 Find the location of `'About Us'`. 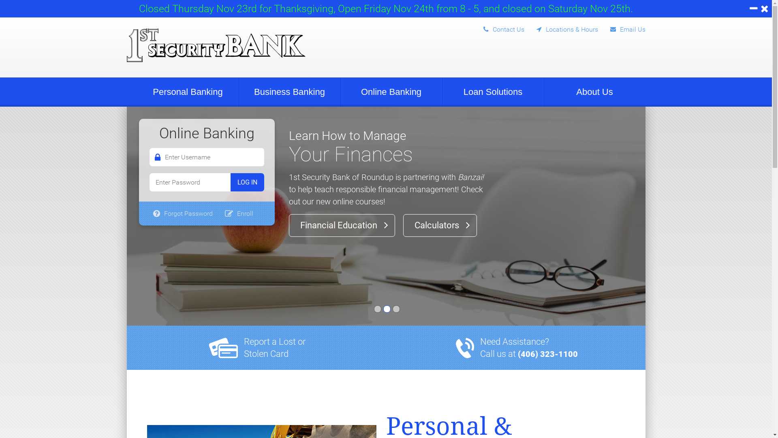

'About Us' is located at coordinates (594, 92).